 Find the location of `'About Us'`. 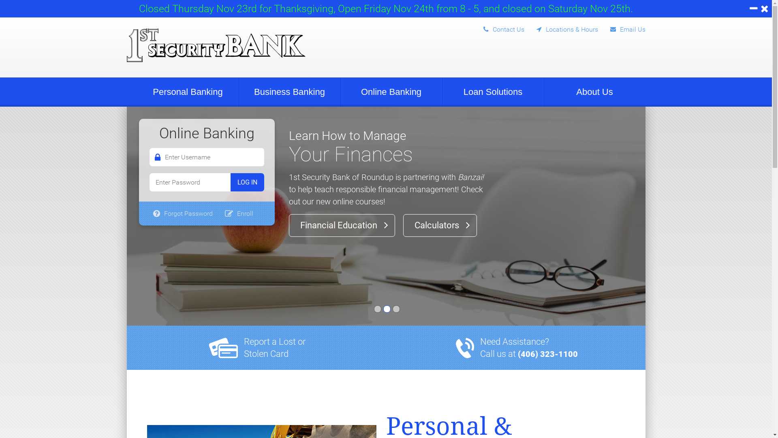

'About Us' is located at coordinates (594, 92).